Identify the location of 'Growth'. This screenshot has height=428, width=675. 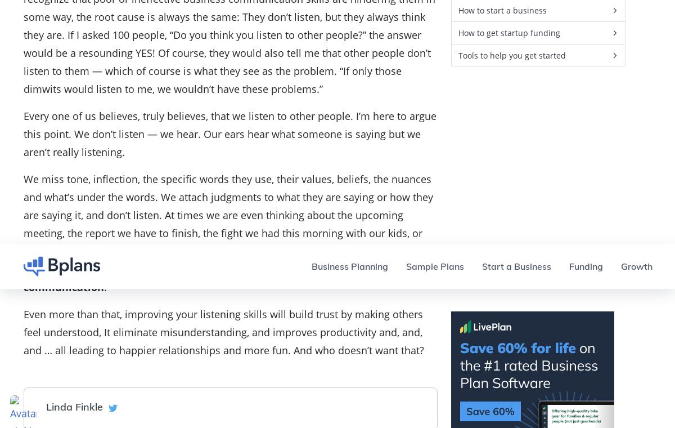
(318, 107).